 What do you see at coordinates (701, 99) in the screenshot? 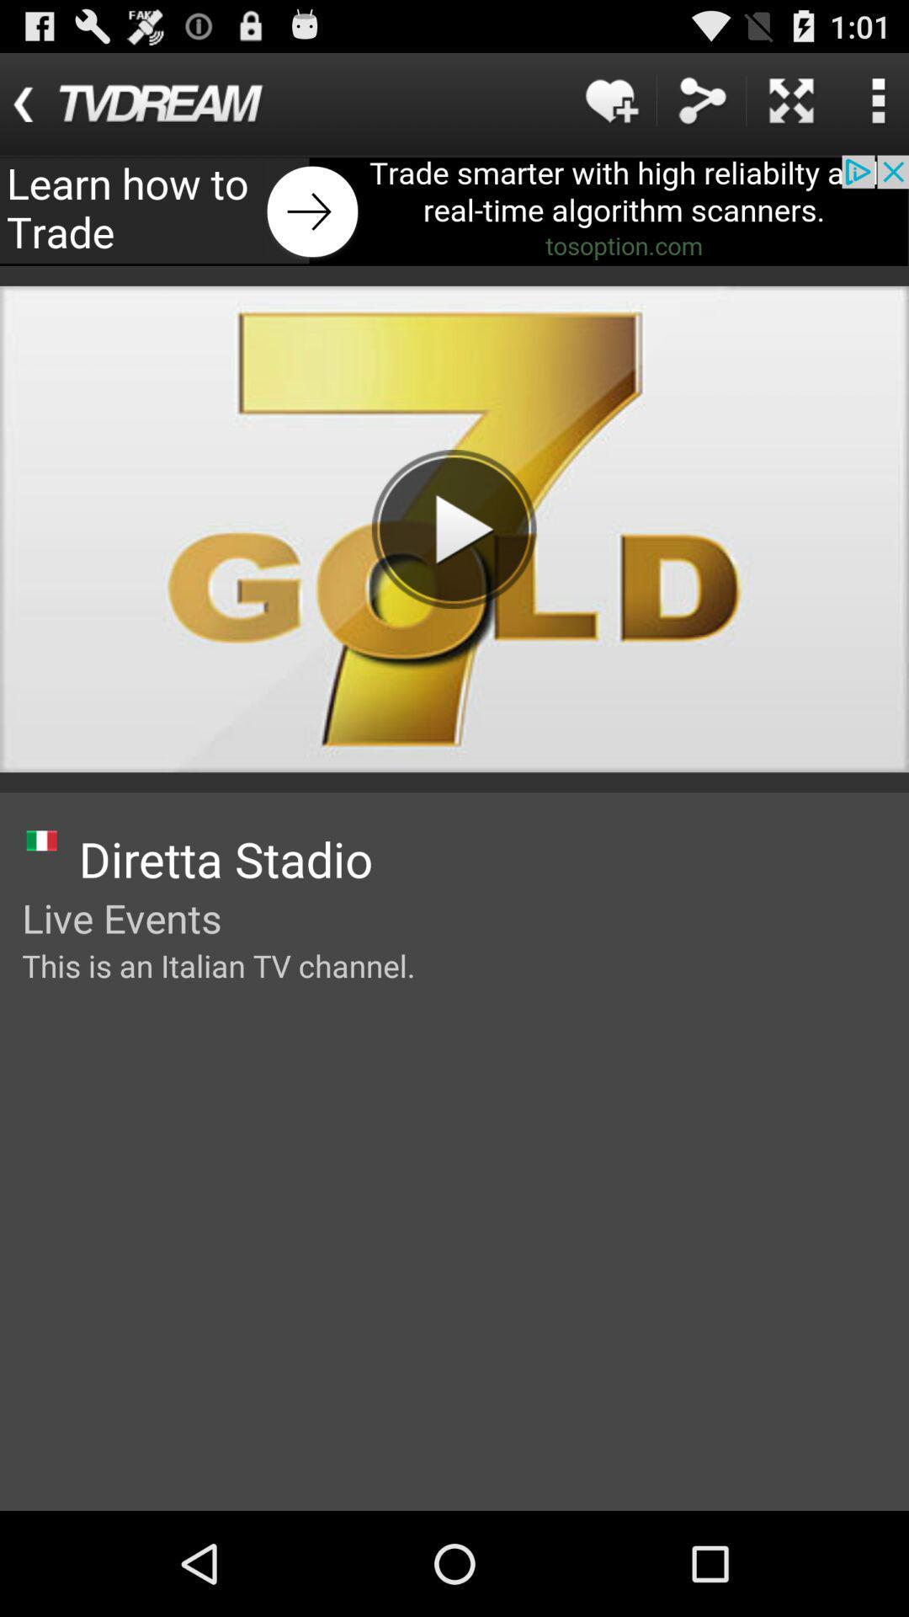
I see `share the channel` at bounding box center [701, 99].